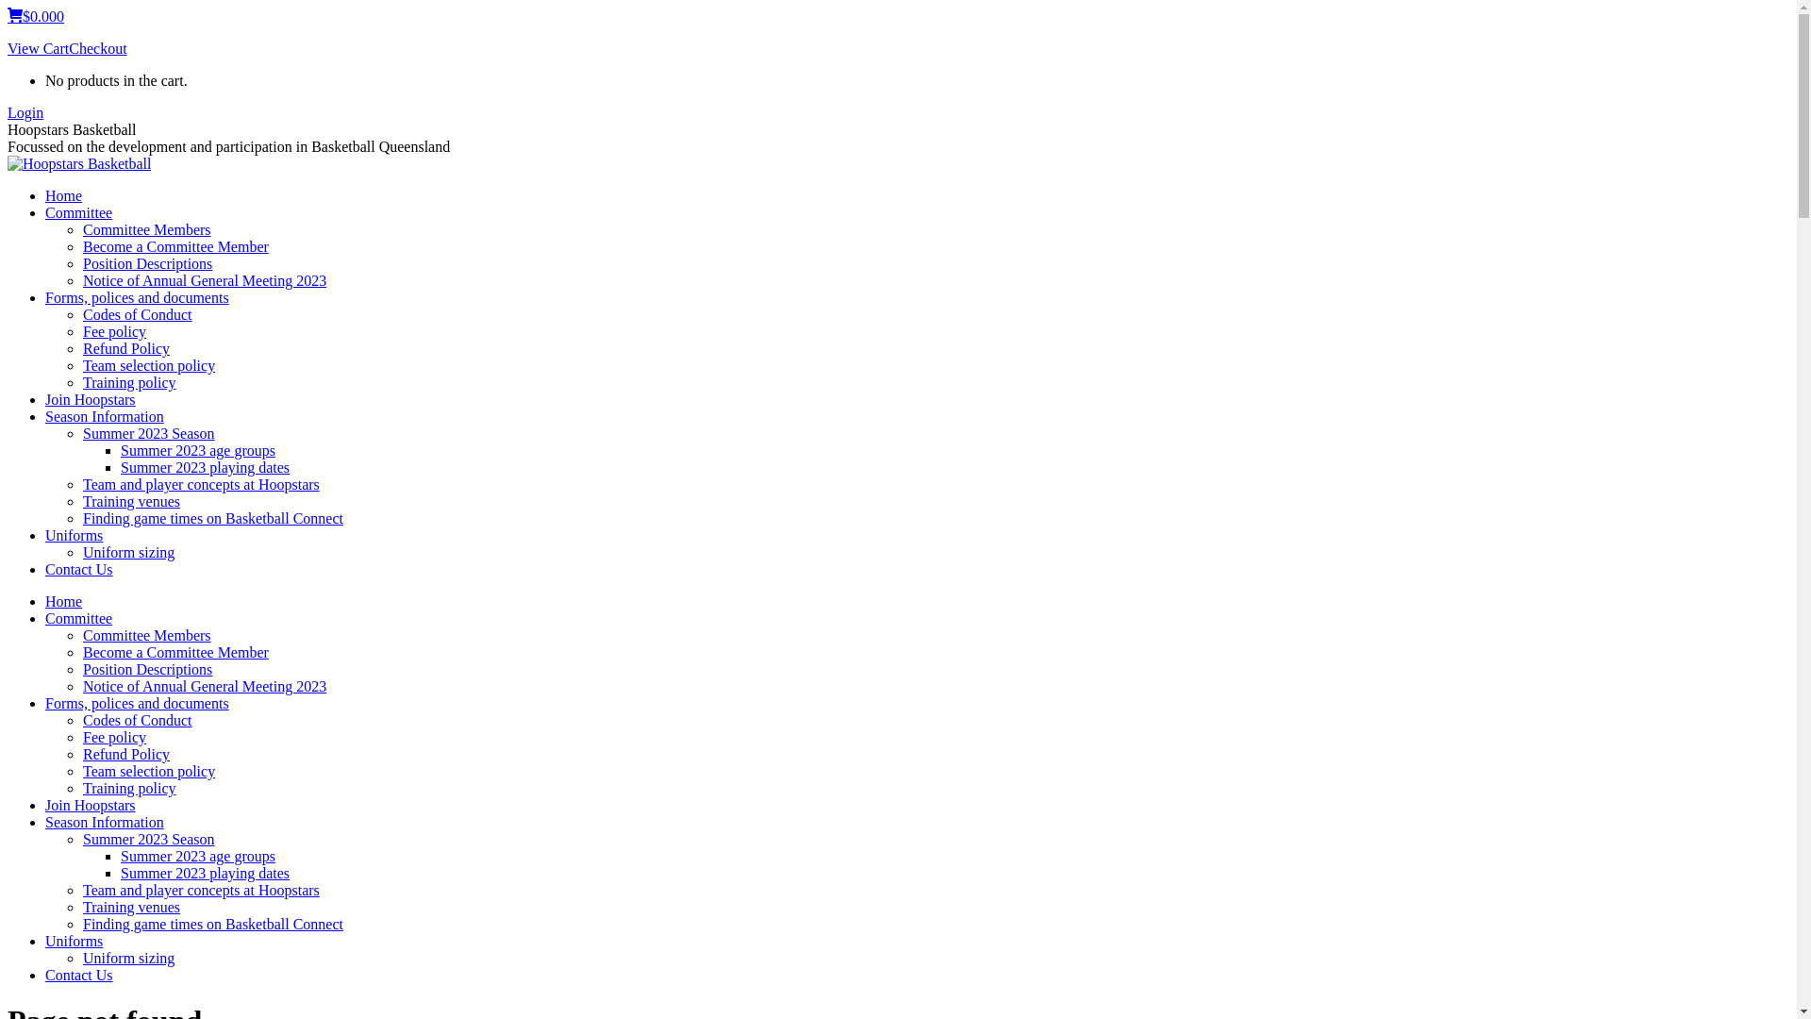 This screenshot has height=1019, width=1811. I want to click on 'Team selection policy', so click(148, 771).